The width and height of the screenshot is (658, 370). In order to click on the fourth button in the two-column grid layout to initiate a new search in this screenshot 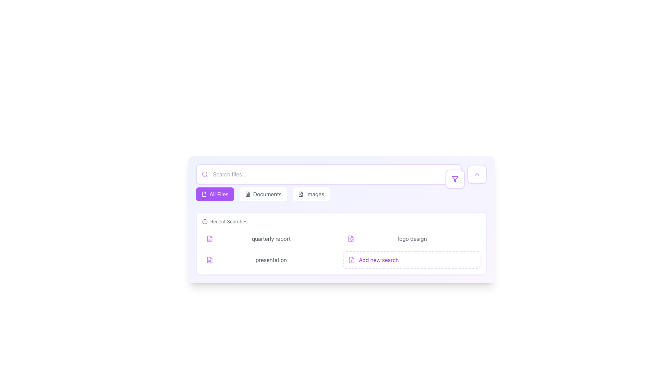, I will do `click(411, 260)`.